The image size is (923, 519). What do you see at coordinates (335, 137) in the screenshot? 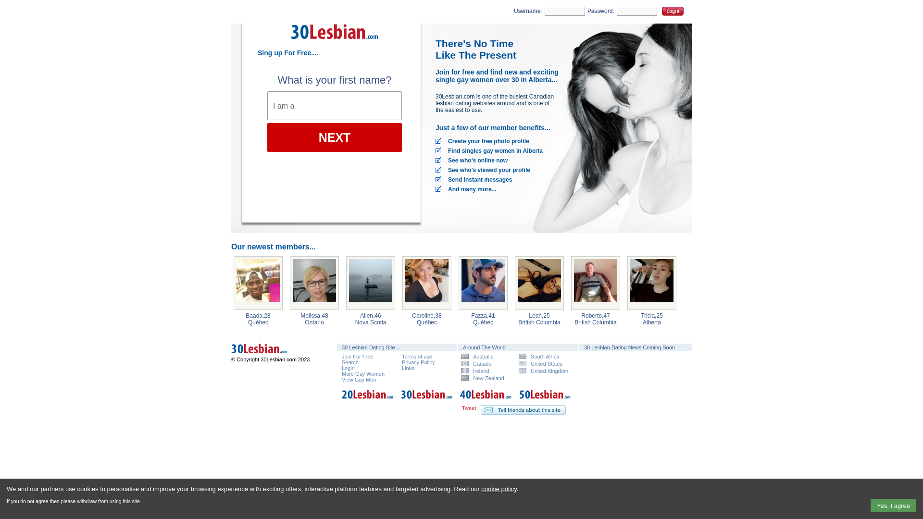
I see `'NEXT'` at bounding box center [335, 137].